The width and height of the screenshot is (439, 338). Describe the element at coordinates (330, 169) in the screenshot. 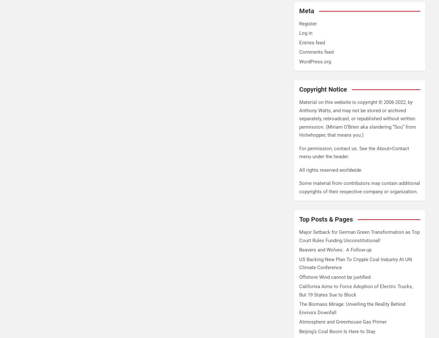

I see `'All rights reserved worldwide.'` at that location.